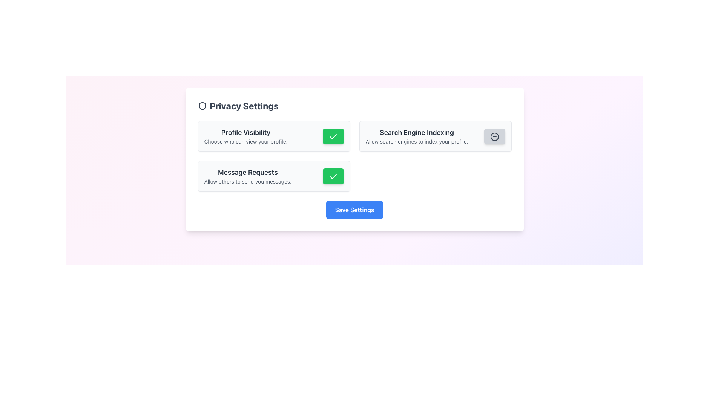 This screenshot has height=407, width=724. Describe the element at coordinates (202, 106) in the screenshot. I see `the shield-shaped icon with a bold outline, located at the top-left corner of the card containing 'Privacy Settings'` at that location.